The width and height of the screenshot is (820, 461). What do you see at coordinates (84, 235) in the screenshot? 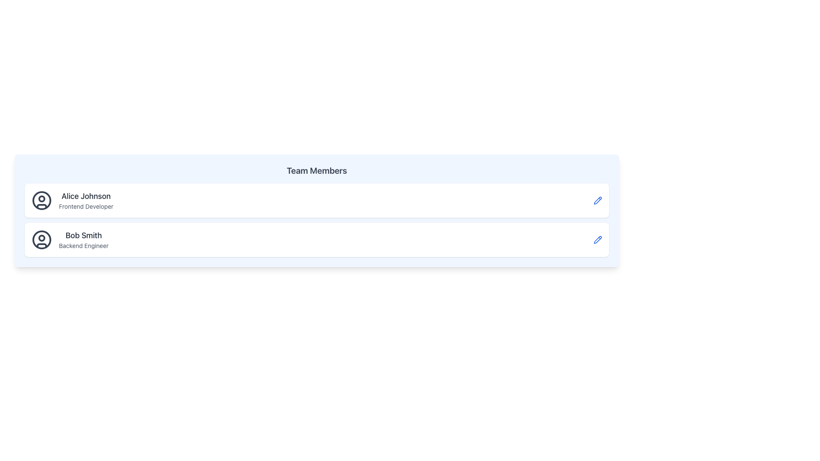
I see `the text label that displays 'Bob Smith' in bold, medium-sized dark gray font, located in the second card of the team members list, above the 'Backend Engineer' text` at bounding box center [84, 235].